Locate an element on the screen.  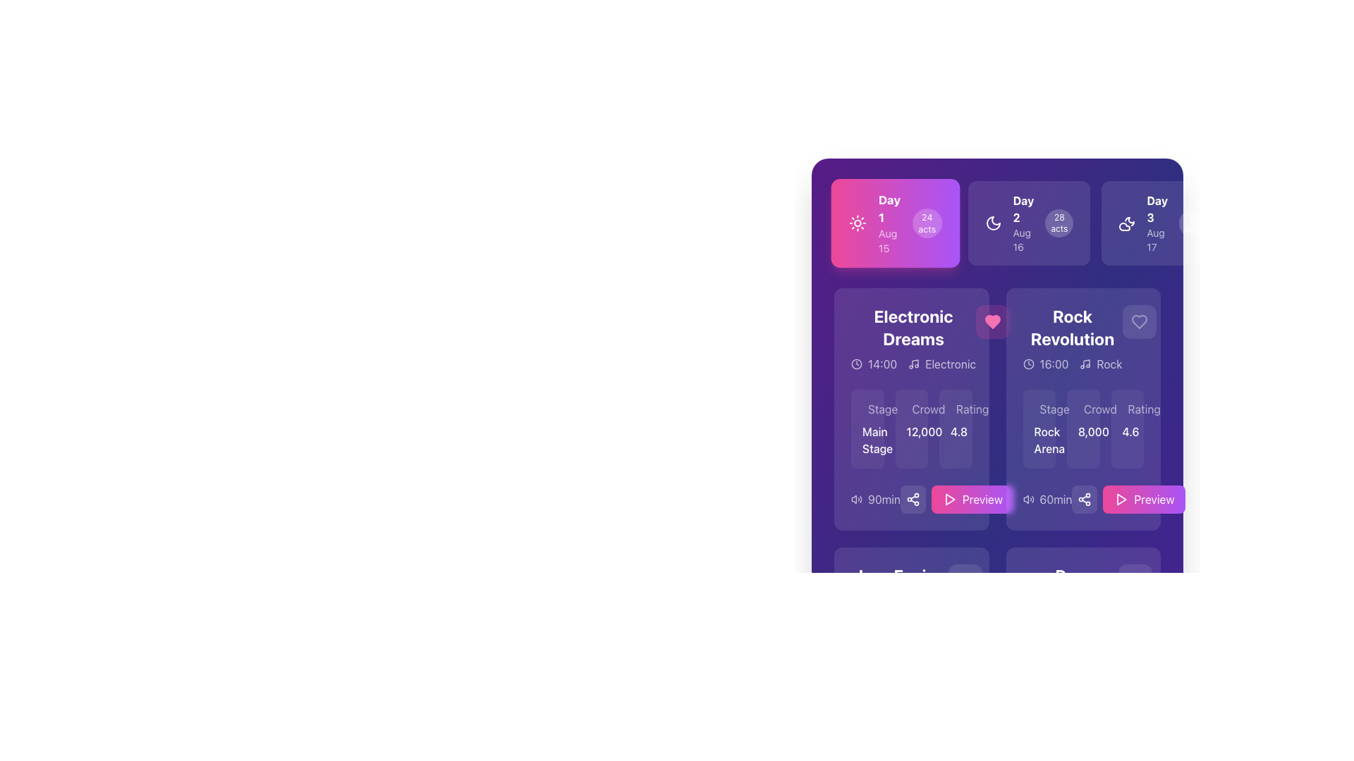
the 'Preview' button which has a gradient background from pink to purple and a triangular play icon on the left is located at coordinates (1144, 499).